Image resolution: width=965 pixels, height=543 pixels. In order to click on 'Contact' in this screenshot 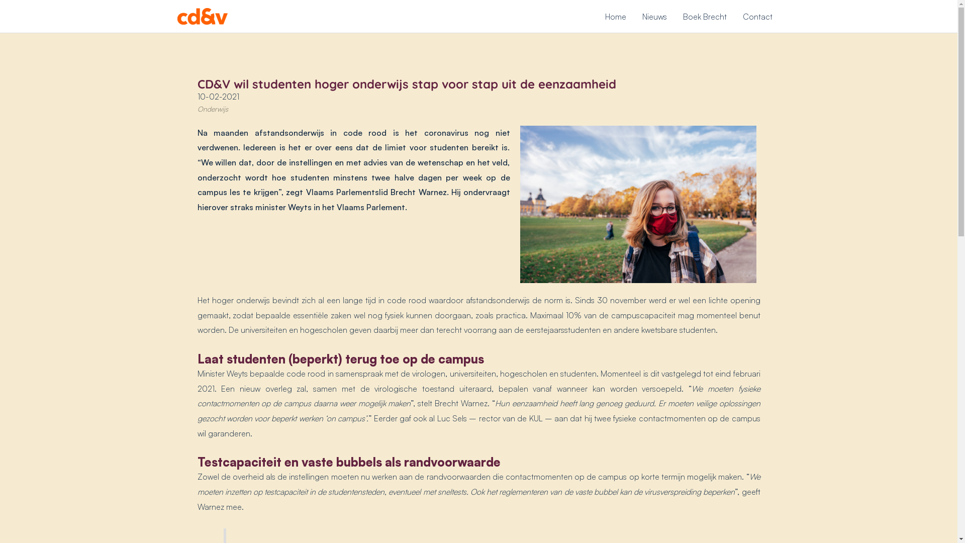, I will do `click(757, 16)`.